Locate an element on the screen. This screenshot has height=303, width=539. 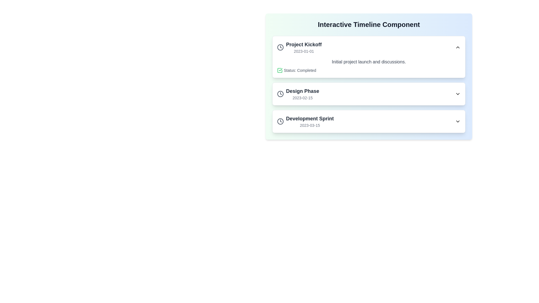
the chevron-down icon of the Dropdown toggle button located at the far right end of the 'Development Sprint' section is located at coordinates (458, 121).